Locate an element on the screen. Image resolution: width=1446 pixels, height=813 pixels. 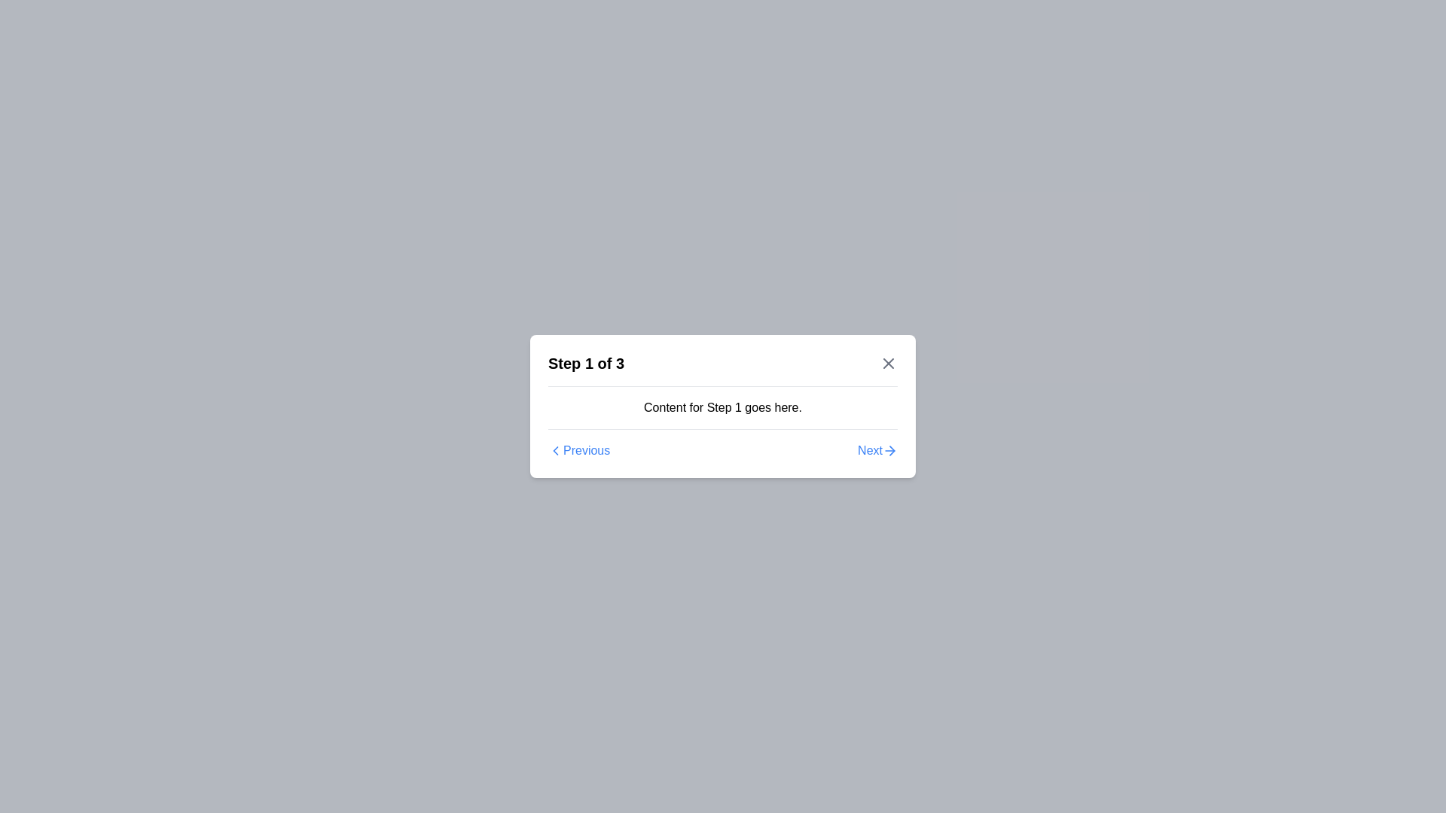
the rightward navigation icon located to the right of the word 'Next' within the navigation section is located at coordinates (889, 449).